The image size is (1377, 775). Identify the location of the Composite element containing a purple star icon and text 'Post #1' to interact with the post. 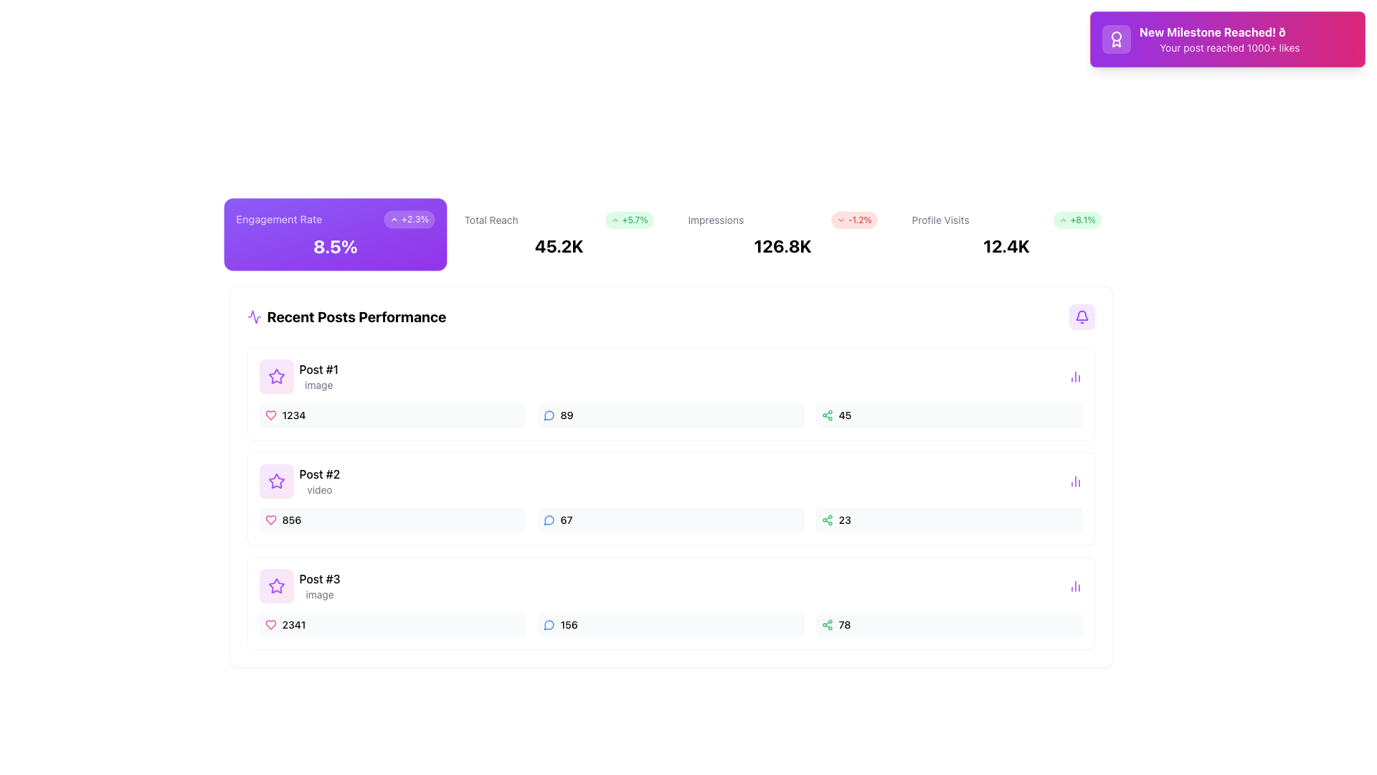
(298, 375).